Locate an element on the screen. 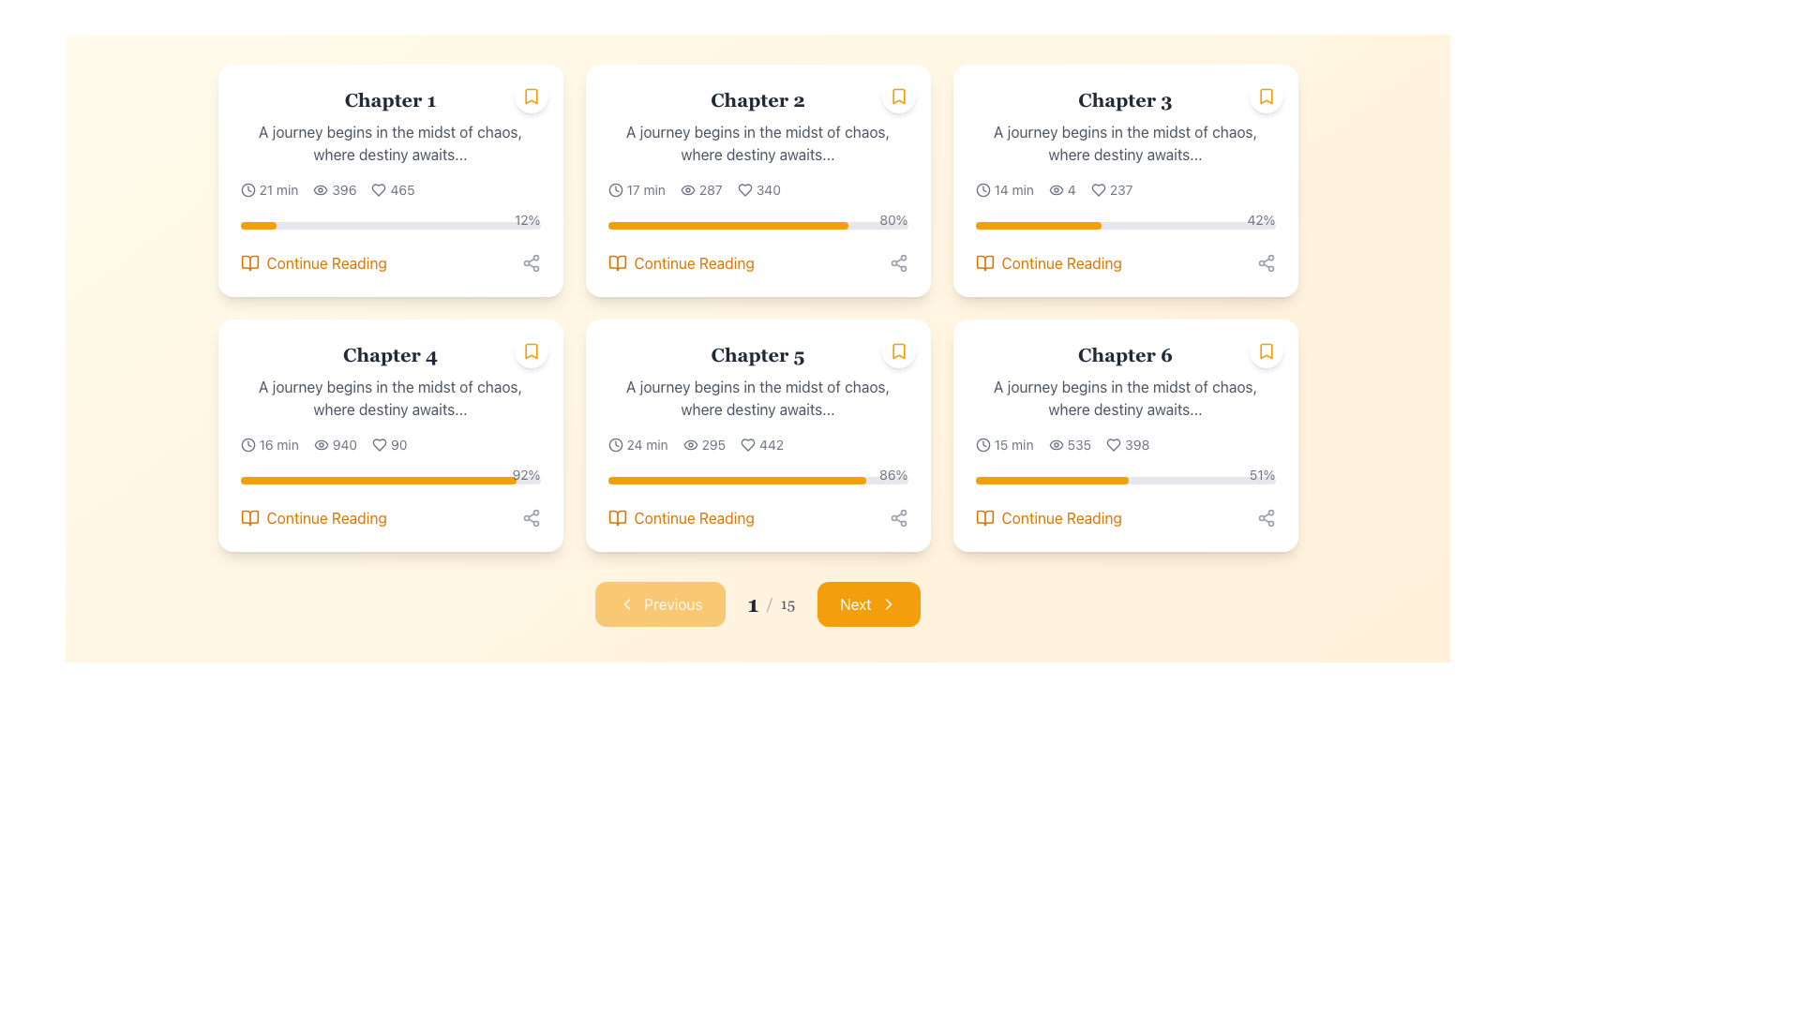 This screenshot has width=1800, height=1012. the left-arrow button in the pagination navigation section is located at coordinates (627, 603).